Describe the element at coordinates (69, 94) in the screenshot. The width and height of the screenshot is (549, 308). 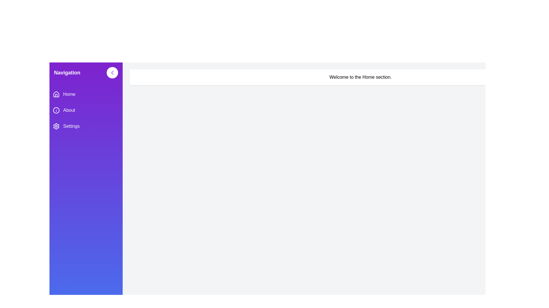
I see `the 'Home' navigation label, which is the first item in the sidebar list, located just below the house icon` at that location.